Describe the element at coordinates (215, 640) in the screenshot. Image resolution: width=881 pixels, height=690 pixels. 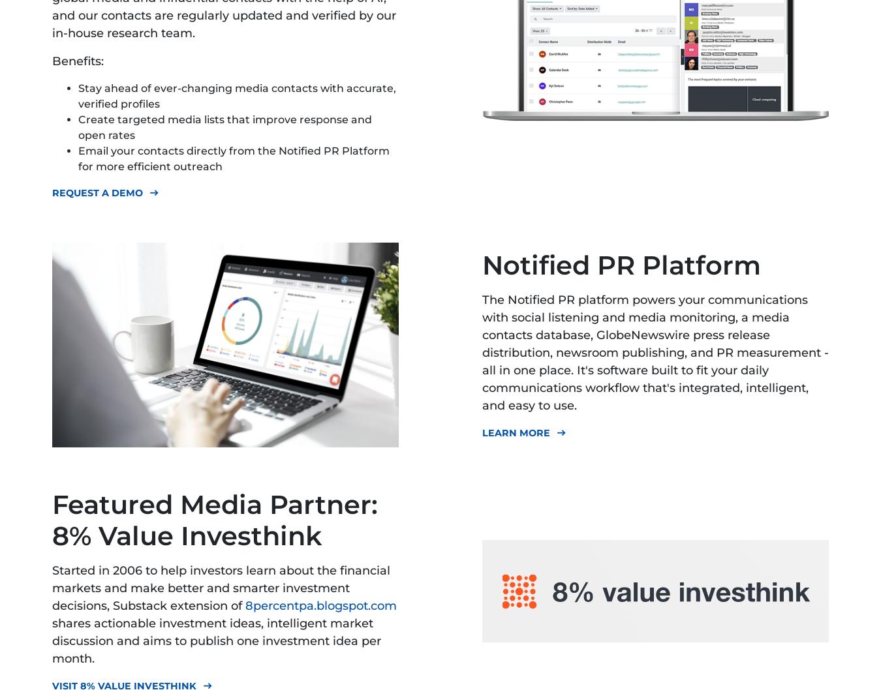
I see `'shares actionable investment ideas, intelligent market discussion and aims to publish one investment idea per month.'` at that location.